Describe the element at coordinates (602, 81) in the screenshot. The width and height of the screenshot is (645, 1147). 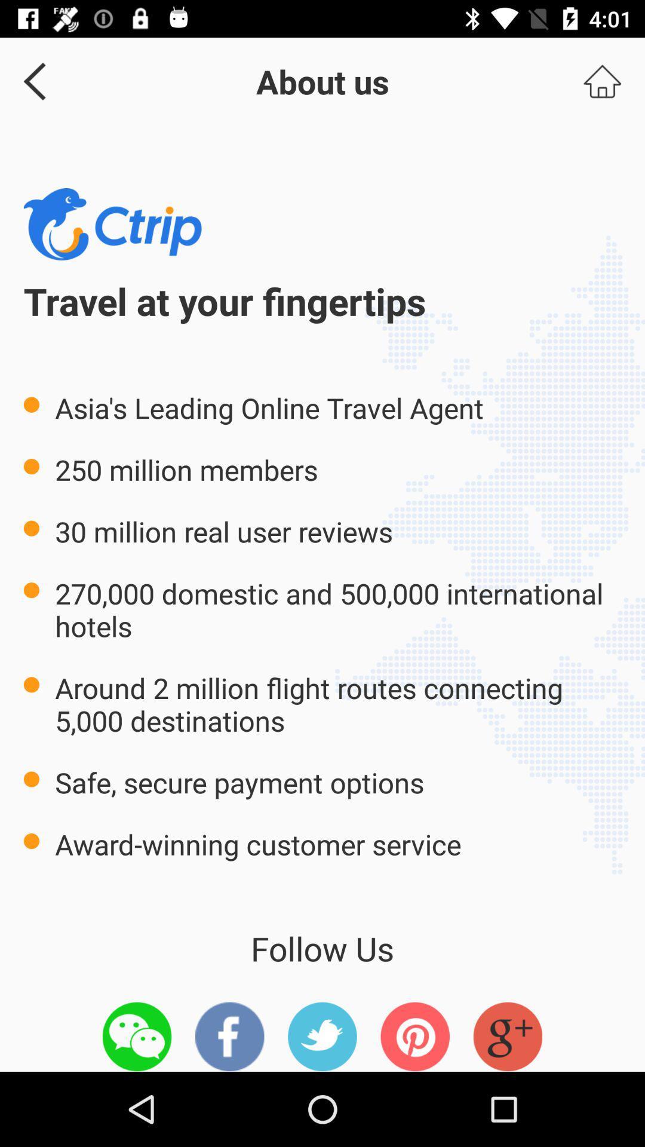
I see `homepage` at that location.